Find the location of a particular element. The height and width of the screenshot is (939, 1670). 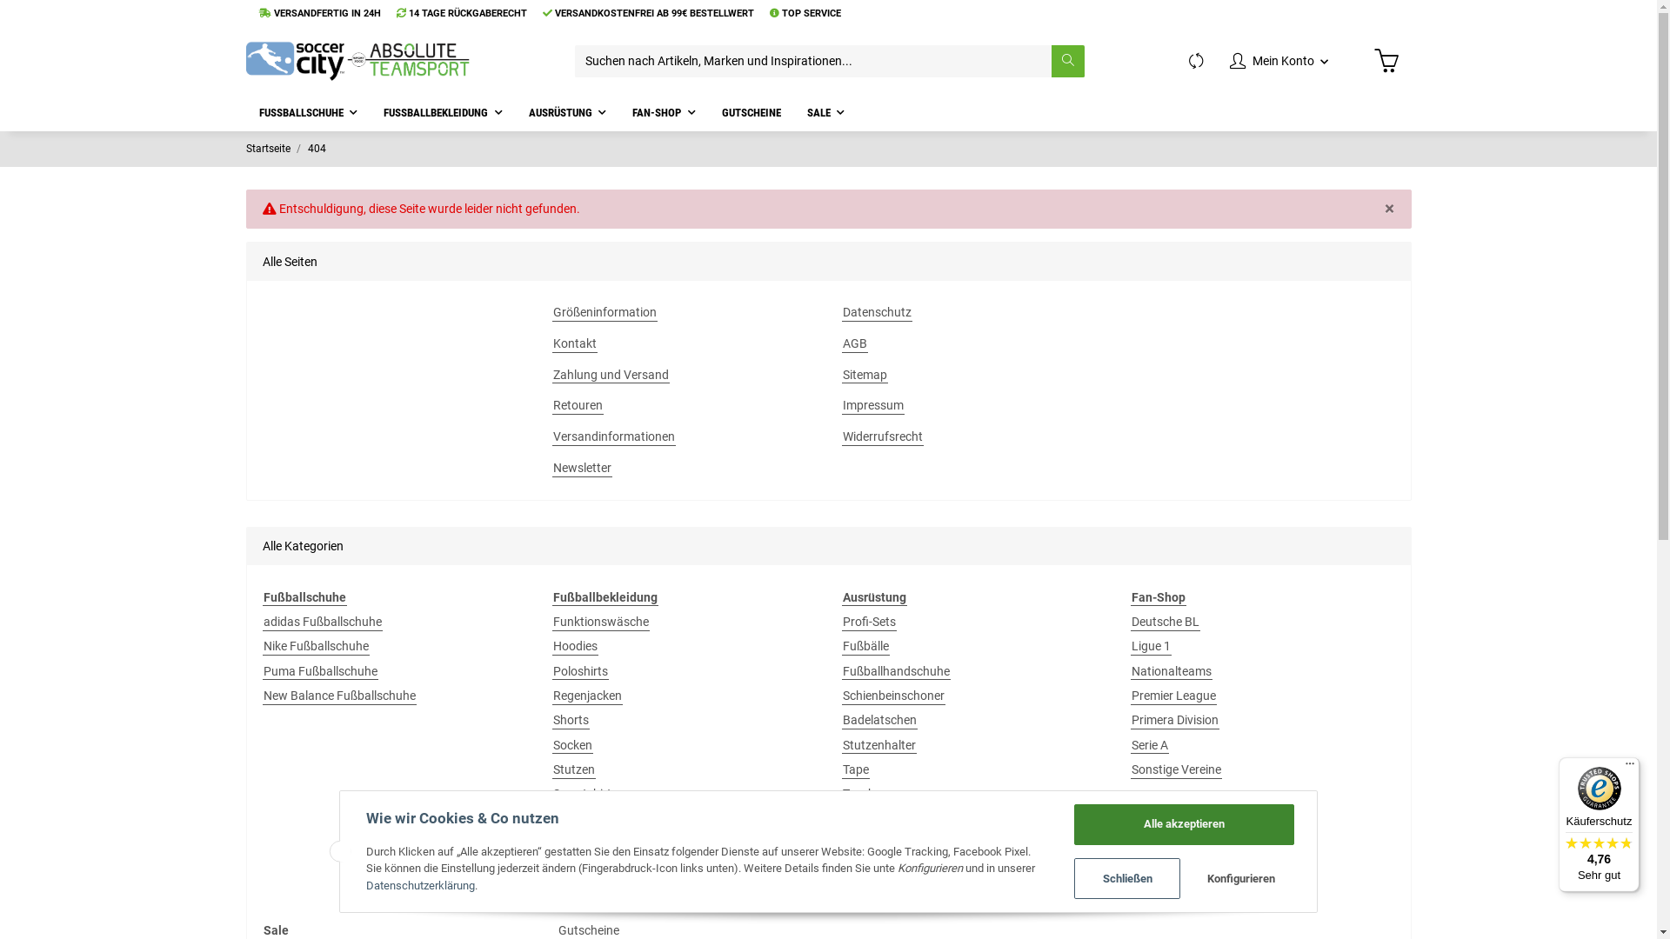

'Schienbeinschoner' is located at coordinates (893, 695).